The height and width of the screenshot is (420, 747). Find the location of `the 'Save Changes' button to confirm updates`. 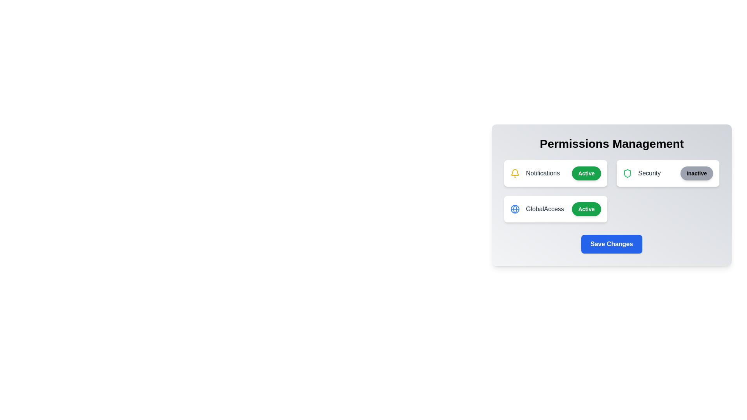

the 'Save Changes' button to confirm updates is located at coordinates (611, 244).